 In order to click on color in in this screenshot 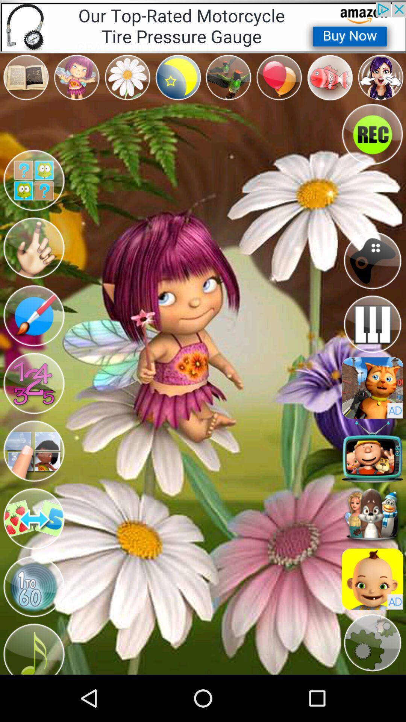, I will do `click(33, 248)`.